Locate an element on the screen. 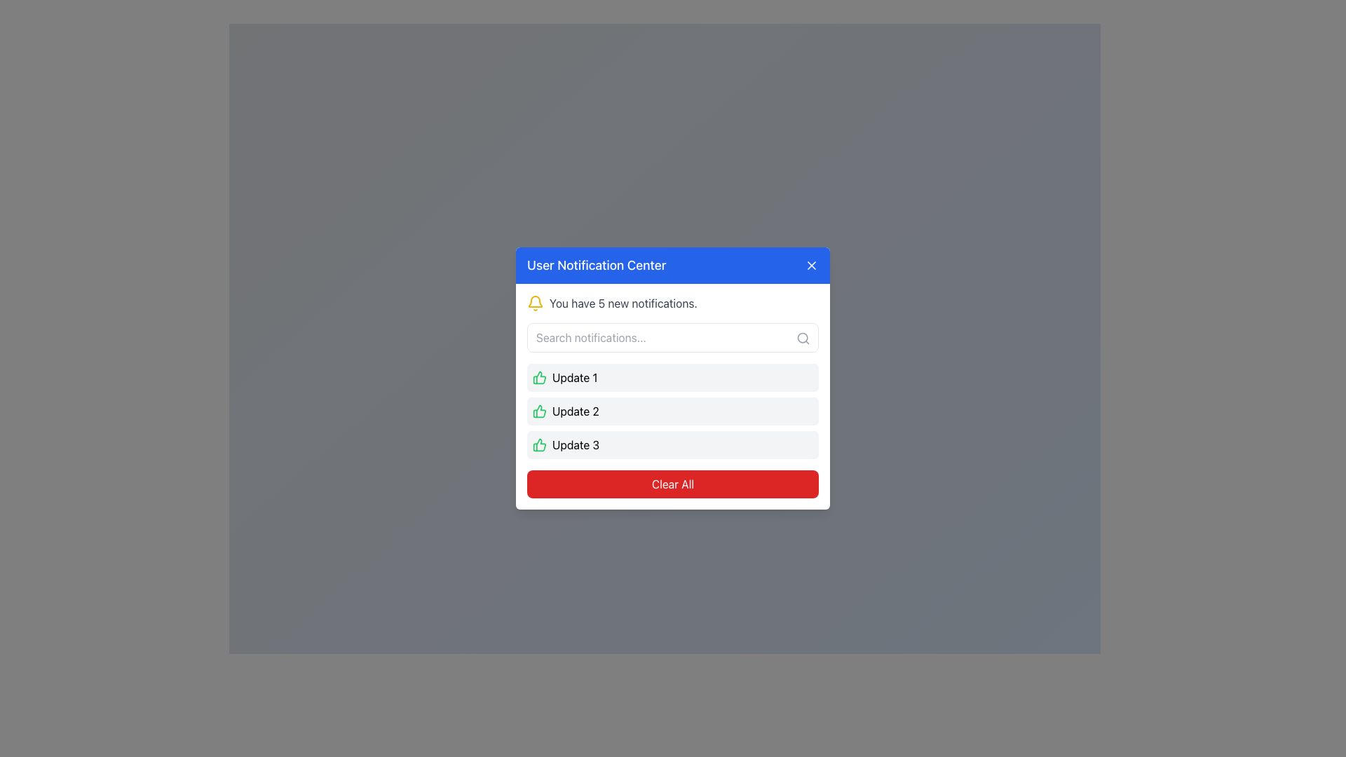  the icon of the second item in the notifications list within the 'User Notification Center' dialog box, which indicates a specific update or message is located at coordinates (673, 410).